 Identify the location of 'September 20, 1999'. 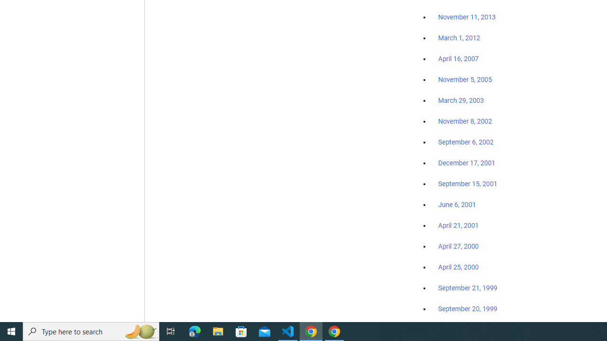
(468, 308).